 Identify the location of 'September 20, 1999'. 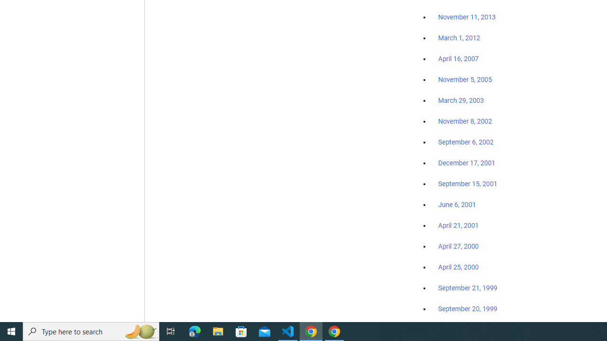
(468, 308).